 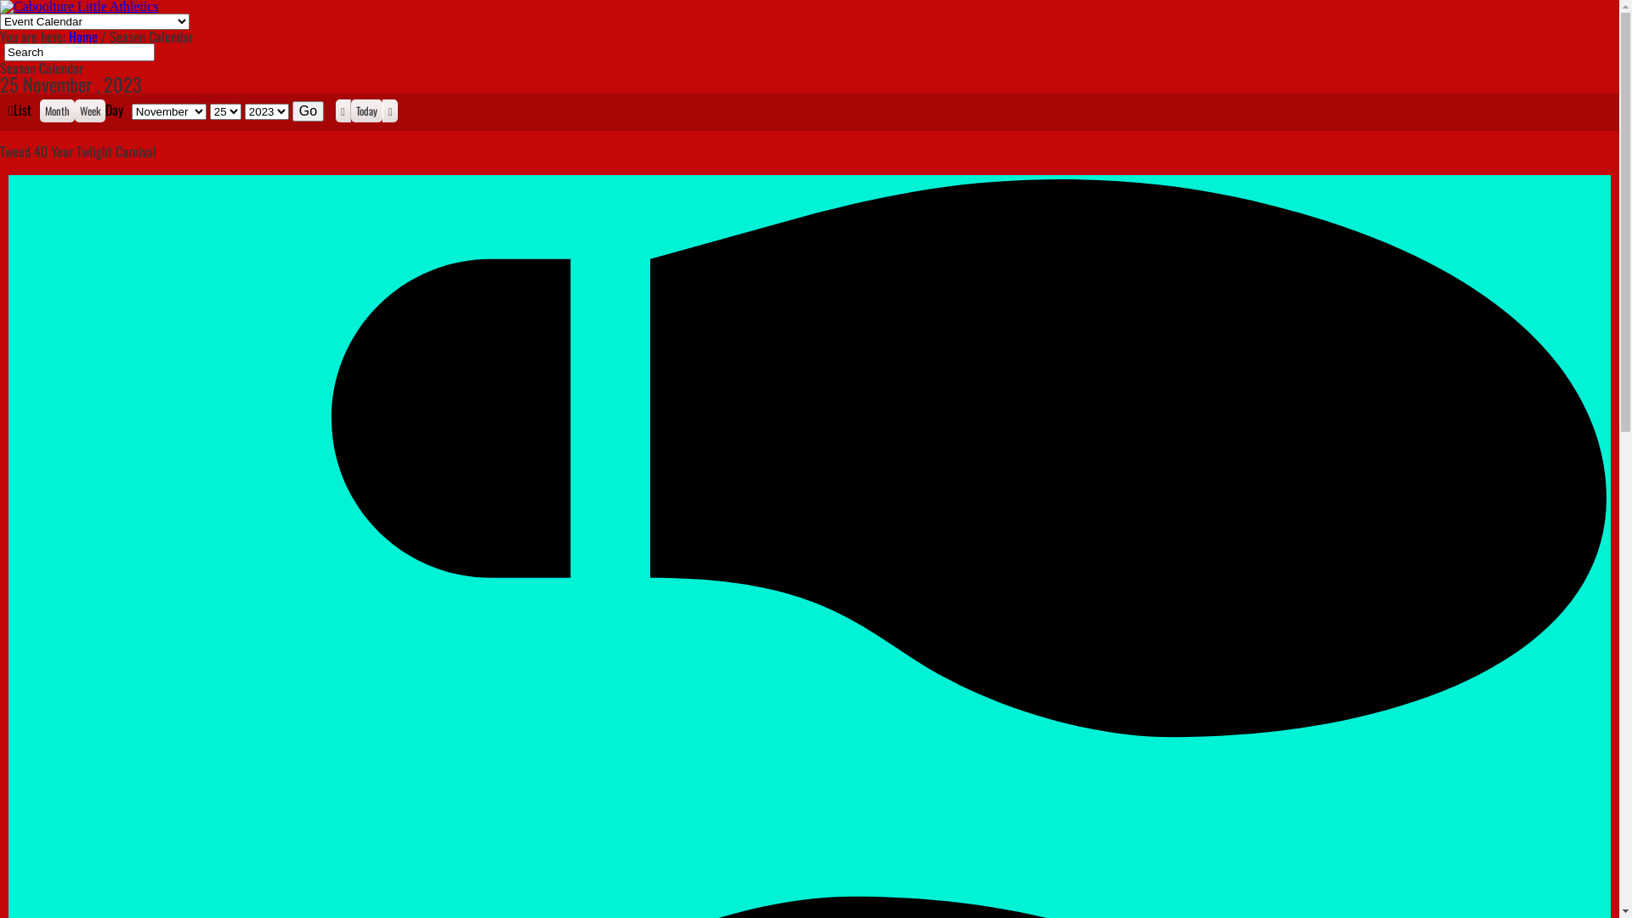 What do you see at coordinates (342, 110) in the screenshot?
I see `'Previous'` at bounding box center [342, 110].